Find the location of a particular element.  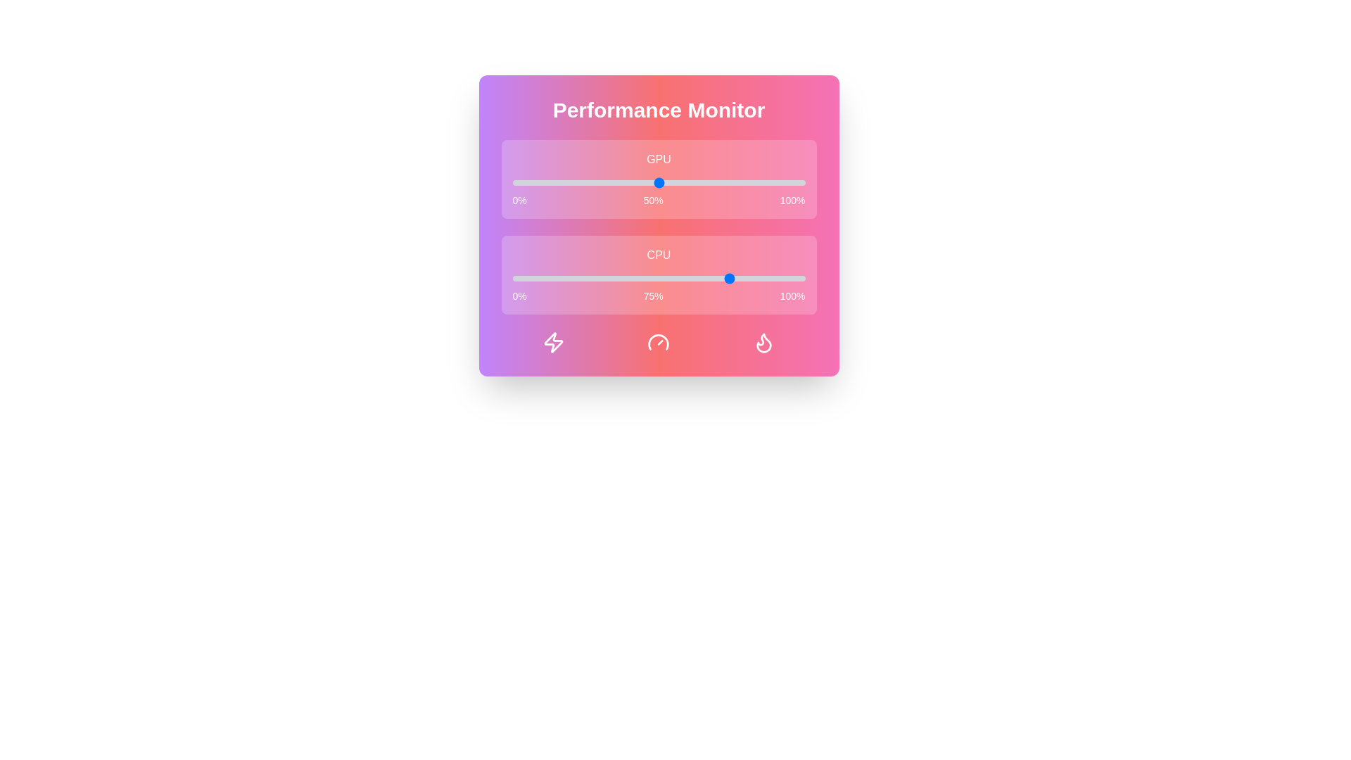

the GPU performance slider to 13% is located at coordinates (550, 182).